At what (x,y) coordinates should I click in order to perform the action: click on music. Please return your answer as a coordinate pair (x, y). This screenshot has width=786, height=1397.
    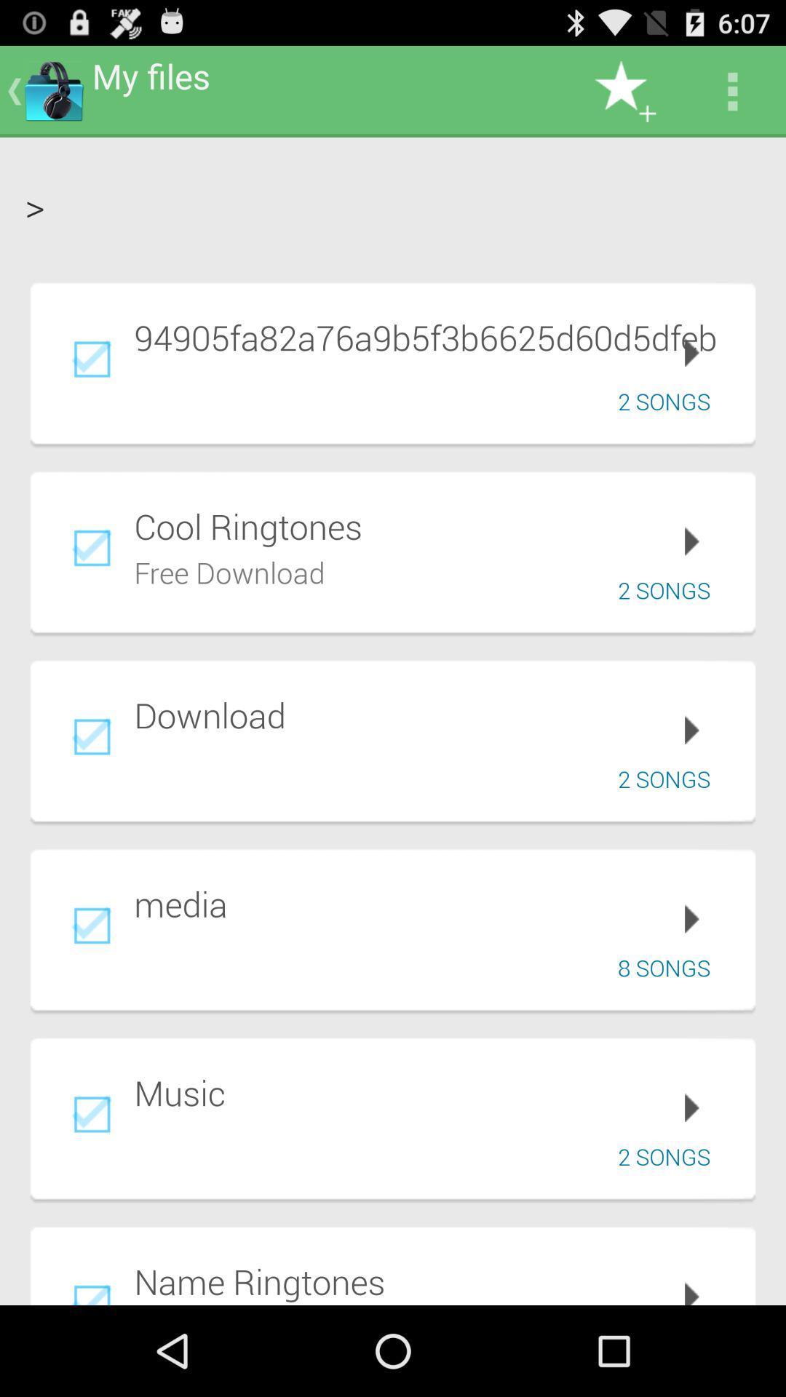
    Looking at the image, I should click on (434, 1092).